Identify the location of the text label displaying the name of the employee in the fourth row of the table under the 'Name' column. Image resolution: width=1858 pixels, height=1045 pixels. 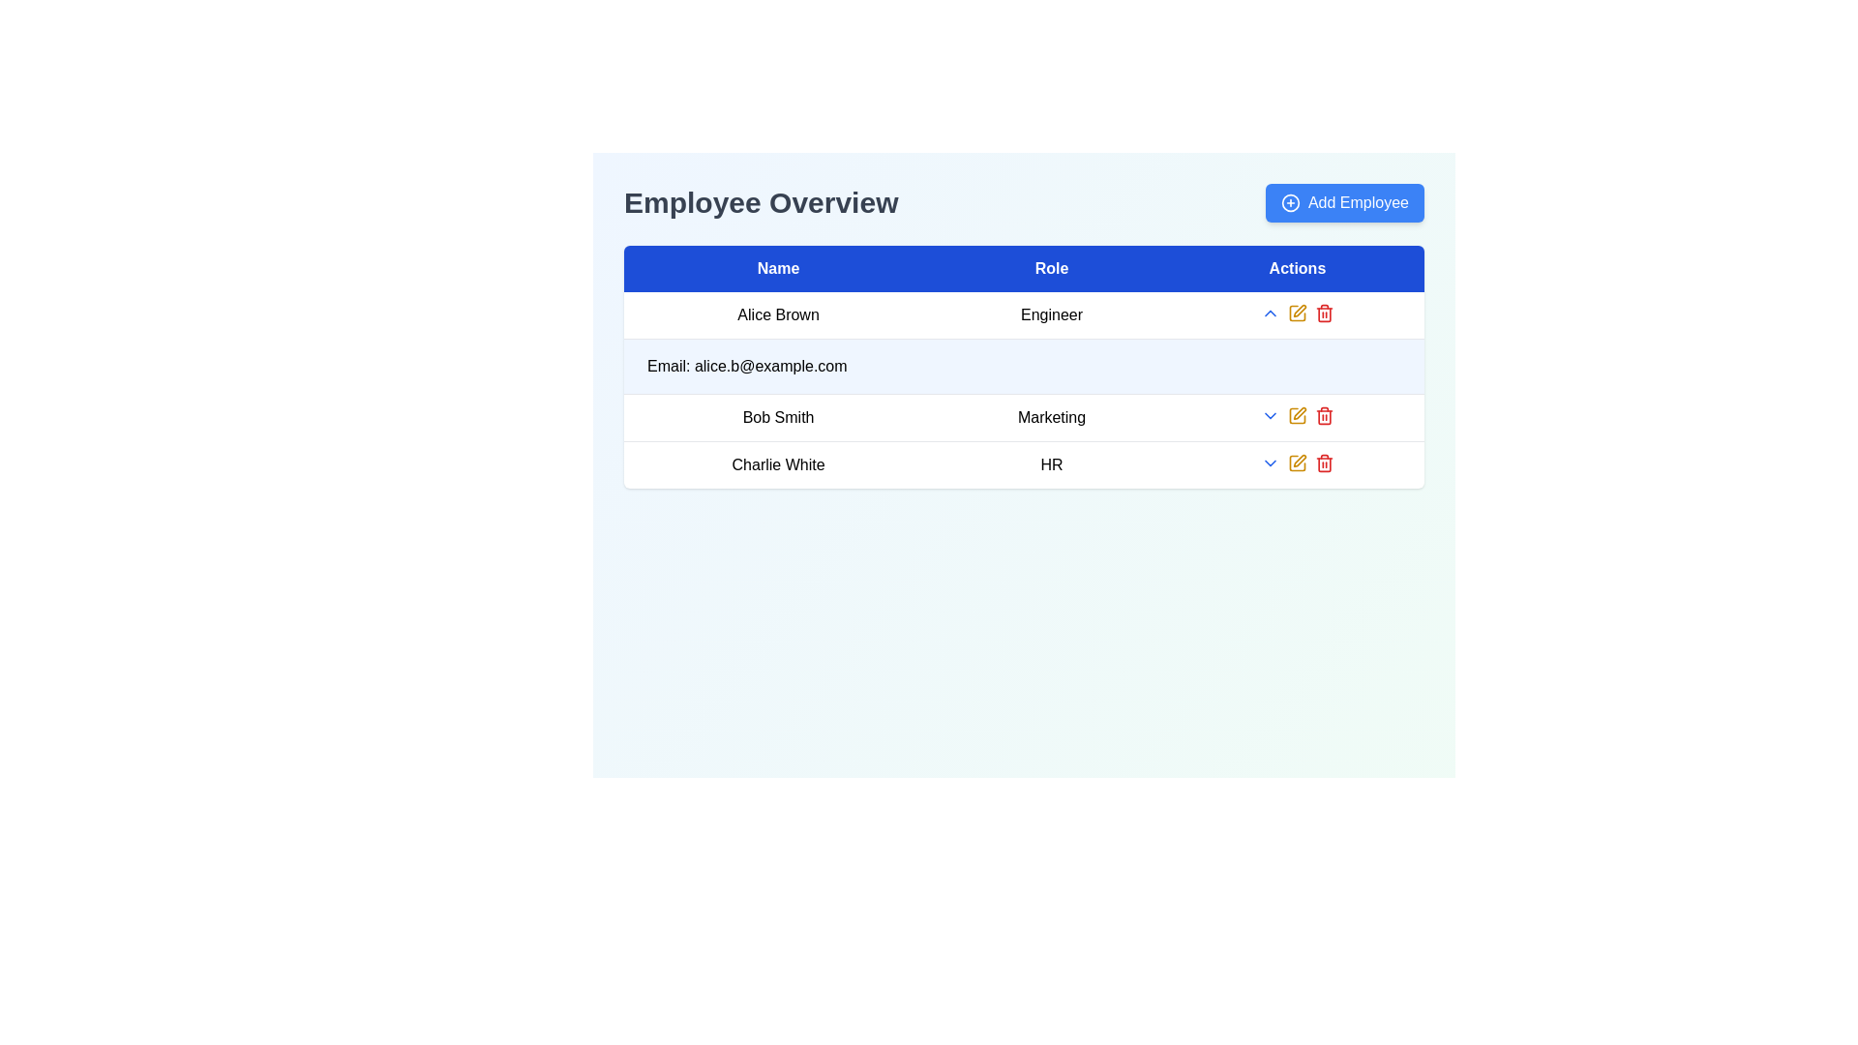
(778, 464).